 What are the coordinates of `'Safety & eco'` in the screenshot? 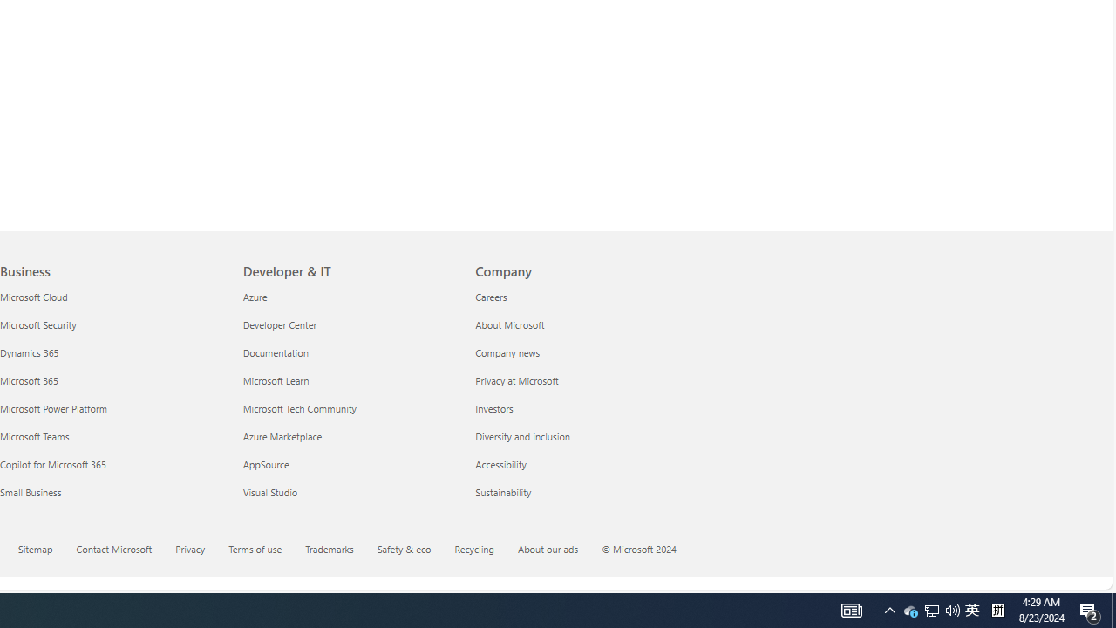 It's located at (404, 547).